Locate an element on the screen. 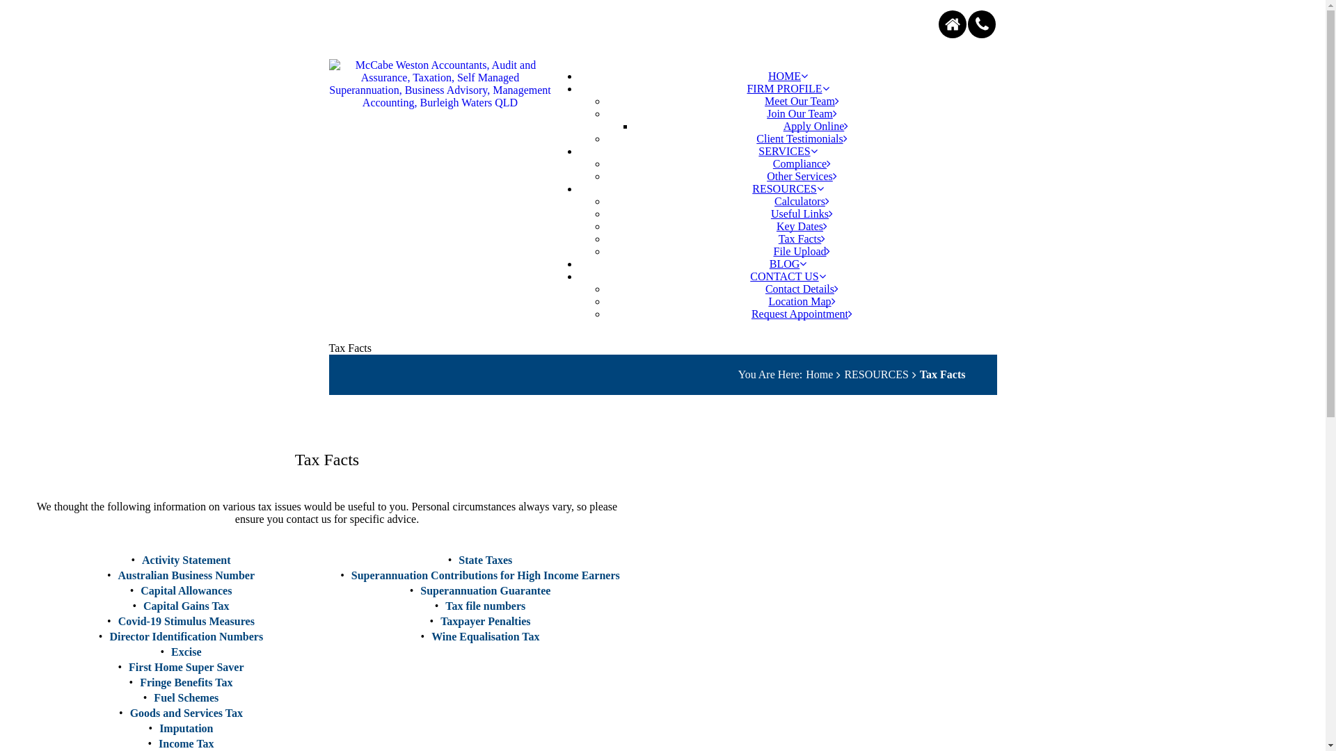 Image resolution: width=1336 pixels, height=751 pixels. 'Calculators' is located at coordinates (802, 201).